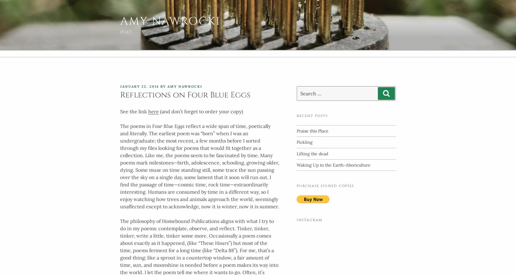 The width and height of the screenshot is (516, 275). Describe the element at coordinates (312, 153) in the screenshot. I see `'Lifting the dead'` at that location.